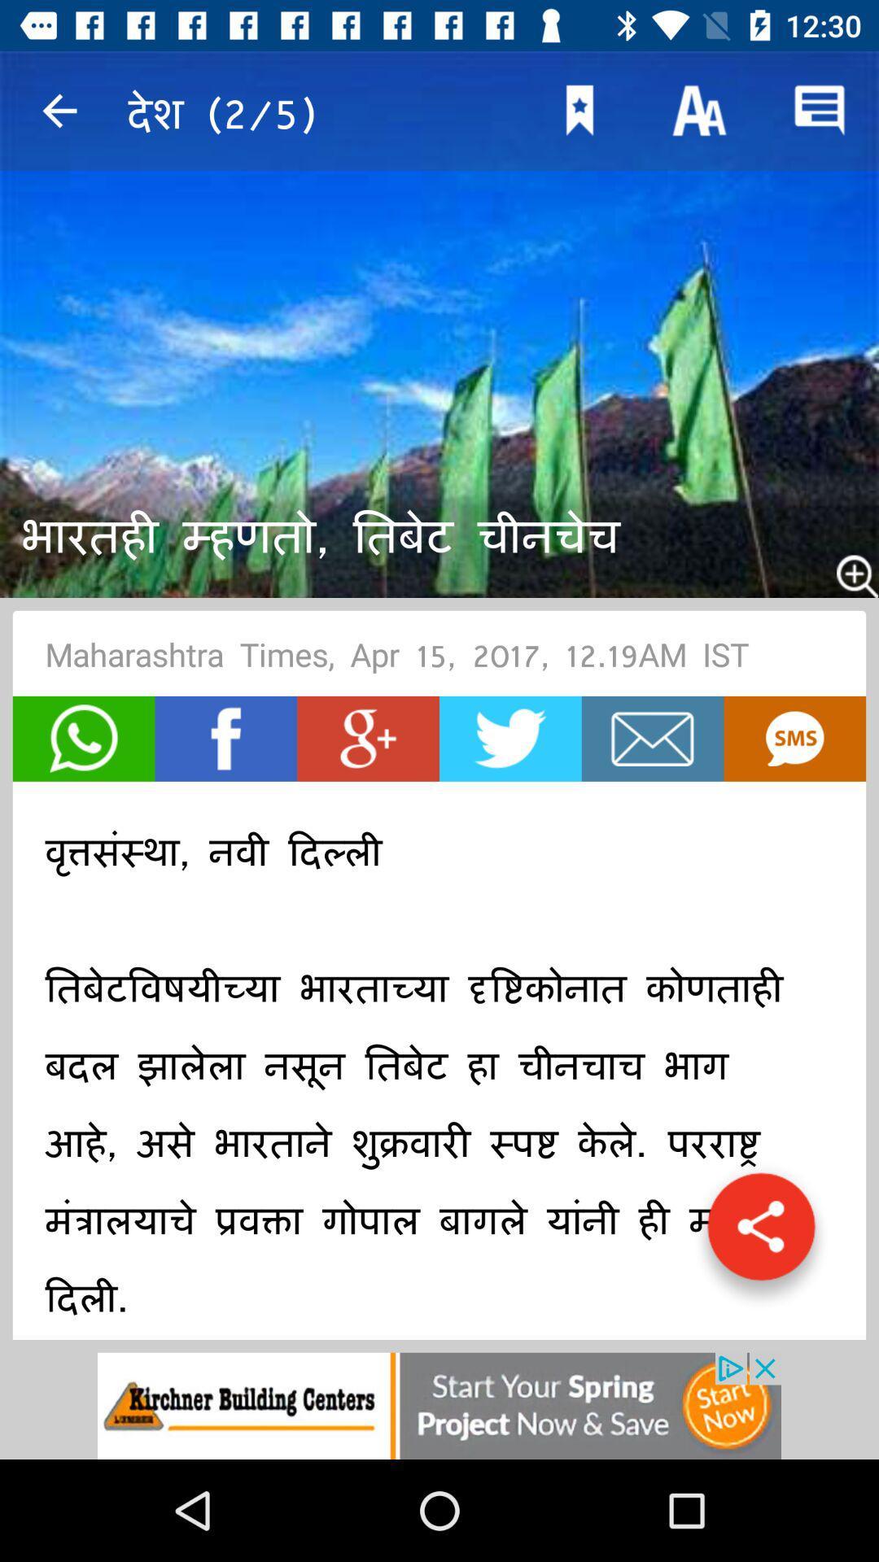 This screenshot has width=879, height=1562. What do you see at coordinates (652, 738) in the screenshot?
I see `mail` at bounding box center [652, 738].